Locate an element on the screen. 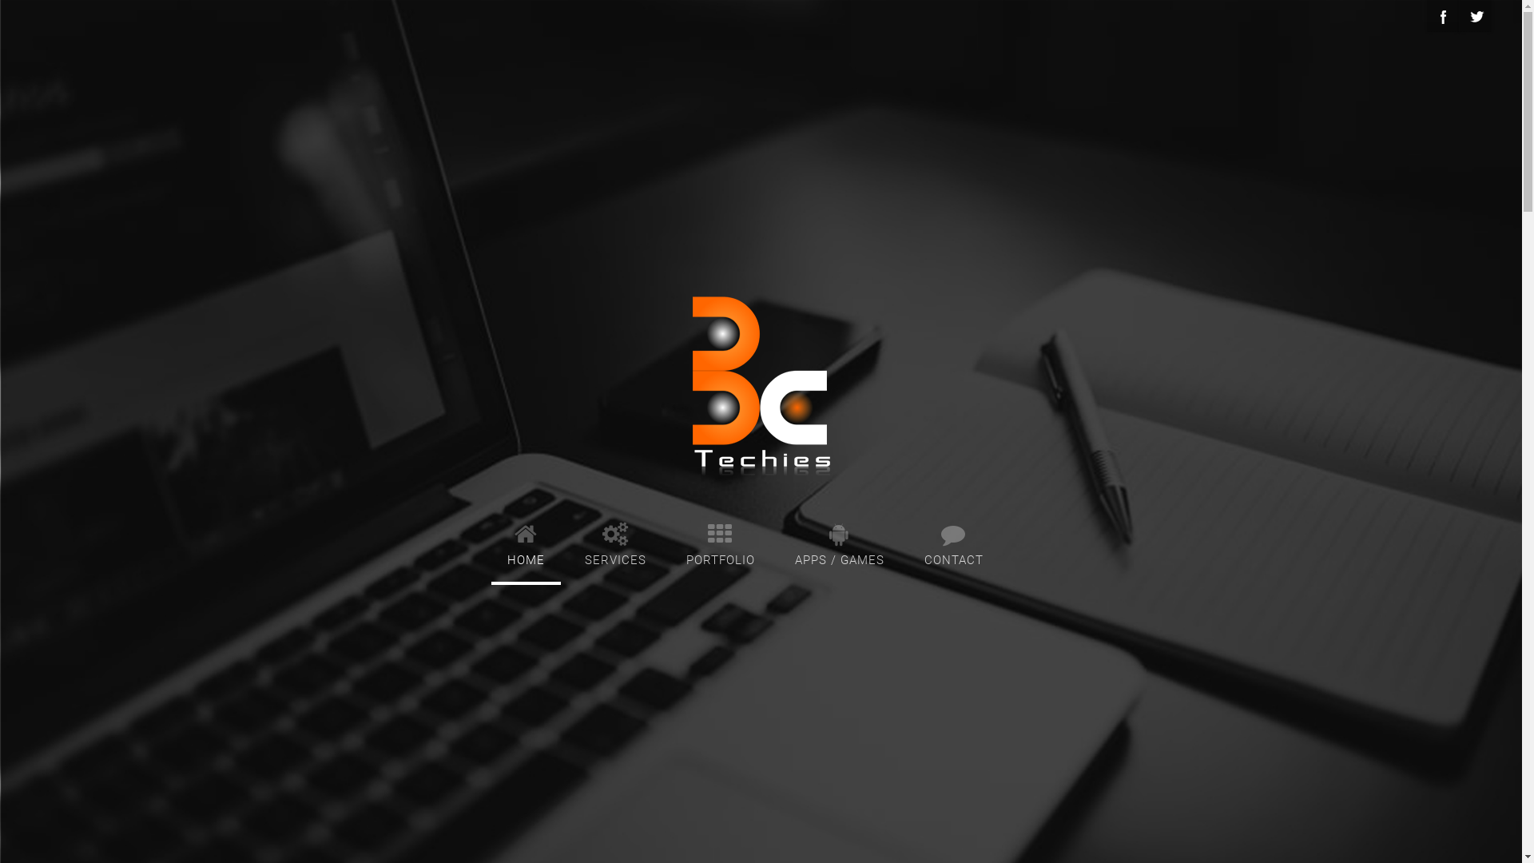 The image size is (1534, 863). 'SERVICES' is located at coordinates (568, 541).